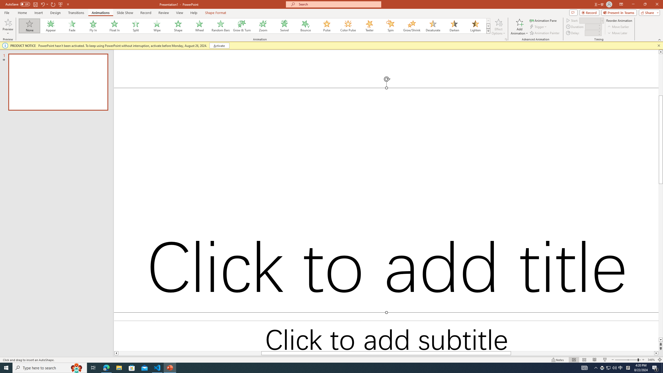 The image size is (663, 373). What do you see at coordinates (433, 26) in the screenshot?
I see `'Desaturate'` at bounding box center [433, 26].